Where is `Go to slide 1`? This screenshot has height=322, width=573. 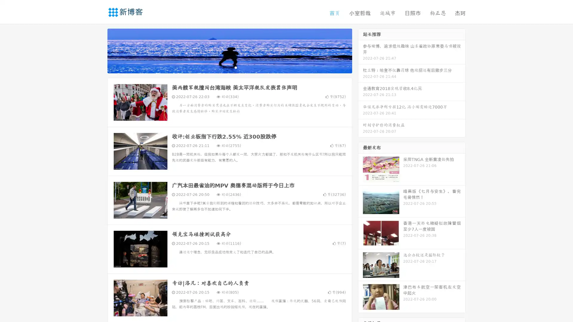
Go to slide 1 is located at coordinates (223, 67).